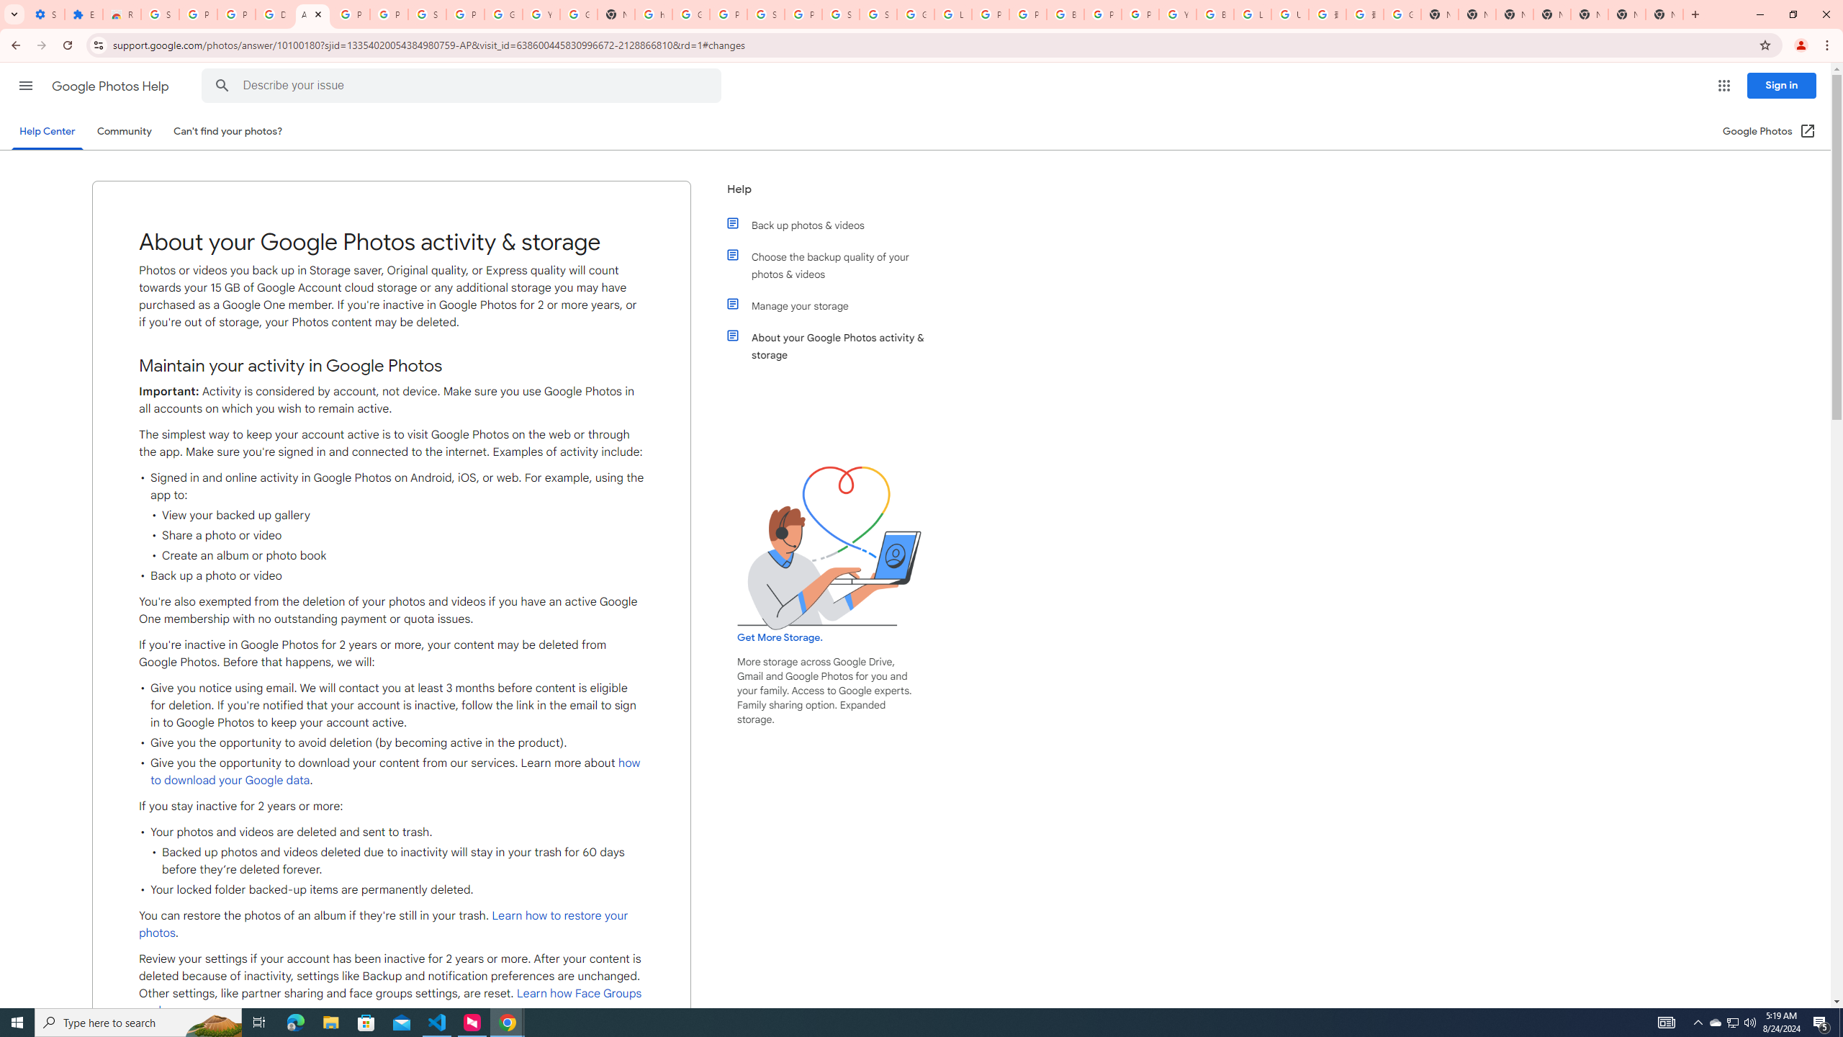 This screenshot has height=1037, width=1843. I want to click on 'About your Google Photos activity & storage', so click(837, 345).